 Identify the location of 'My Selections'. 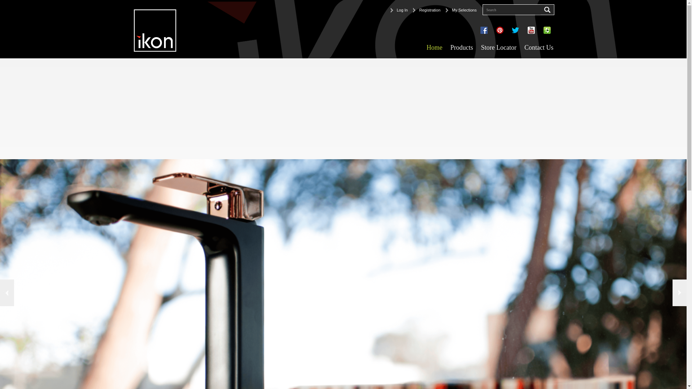
(461, 10).